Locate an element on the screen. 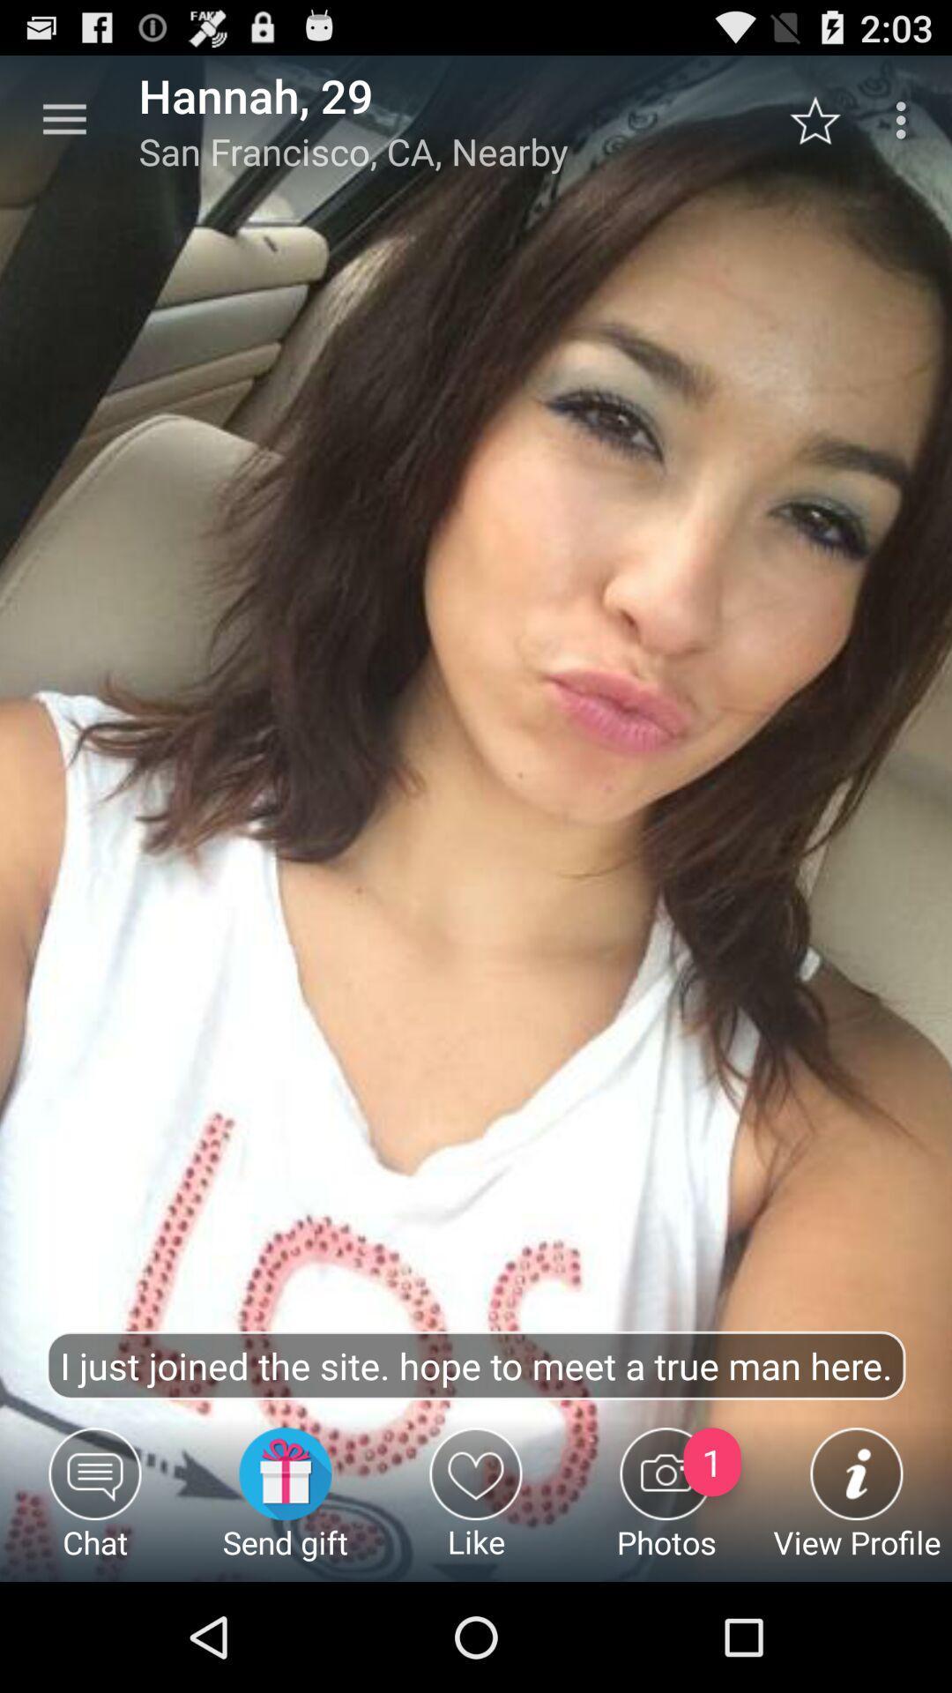 This screenshot has width=952, height=1693. send gift button is located at coordinates (285, 1503).